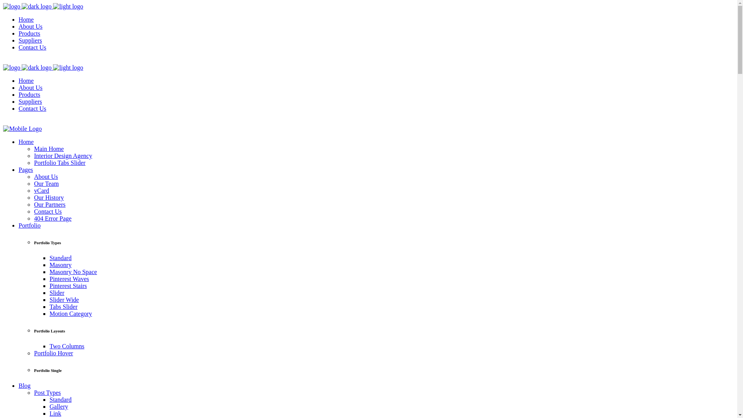  What do you see at coordinates (73, 271) in the screenshot?
I see `'Masonry No Space'` at bounding box center [73, 271].